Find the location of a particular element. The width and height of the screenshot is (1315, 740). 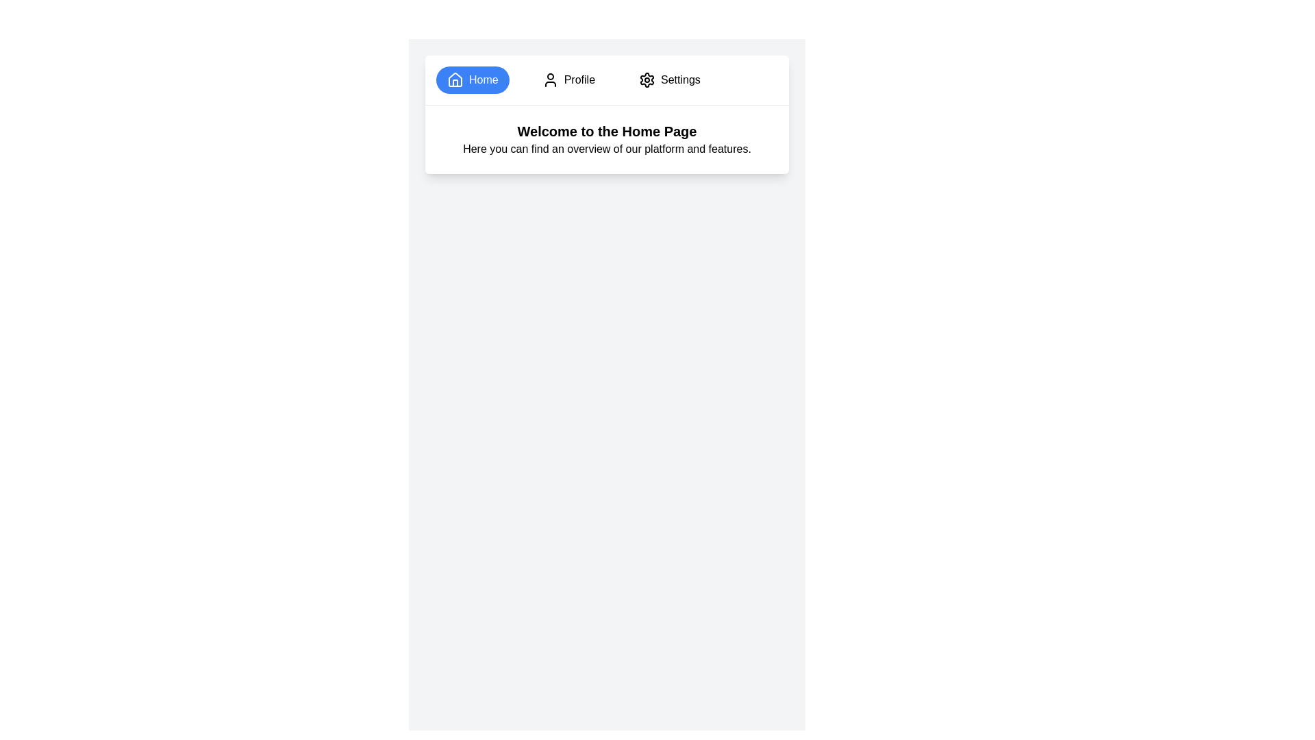

the blue rounded 'Home' button with a home icon and text is located at coordinates (473, 79).